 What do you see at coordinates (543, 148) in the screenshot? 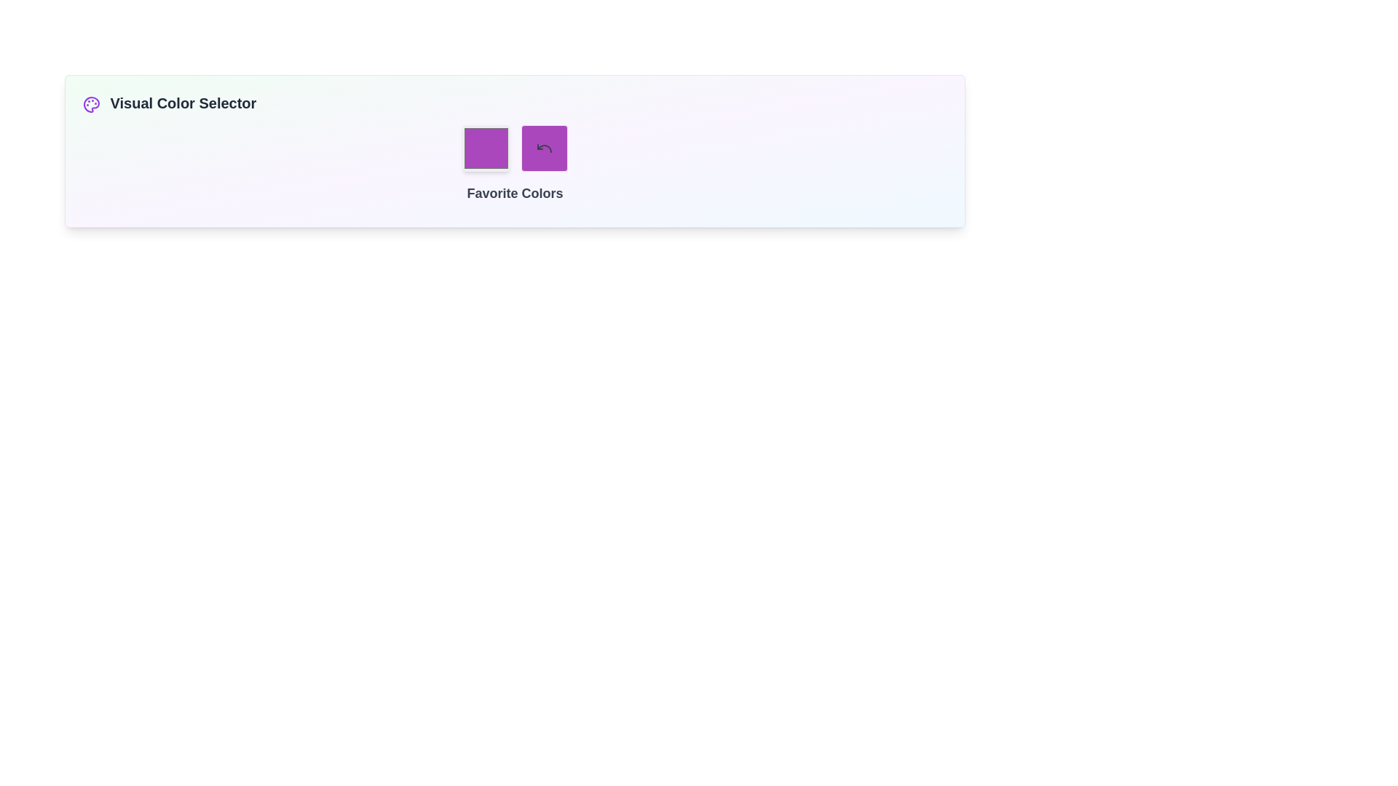
I see `the reset Icon button located in the right purple square of the 'Favorite Colors' section` at bounding box center [543, 148].